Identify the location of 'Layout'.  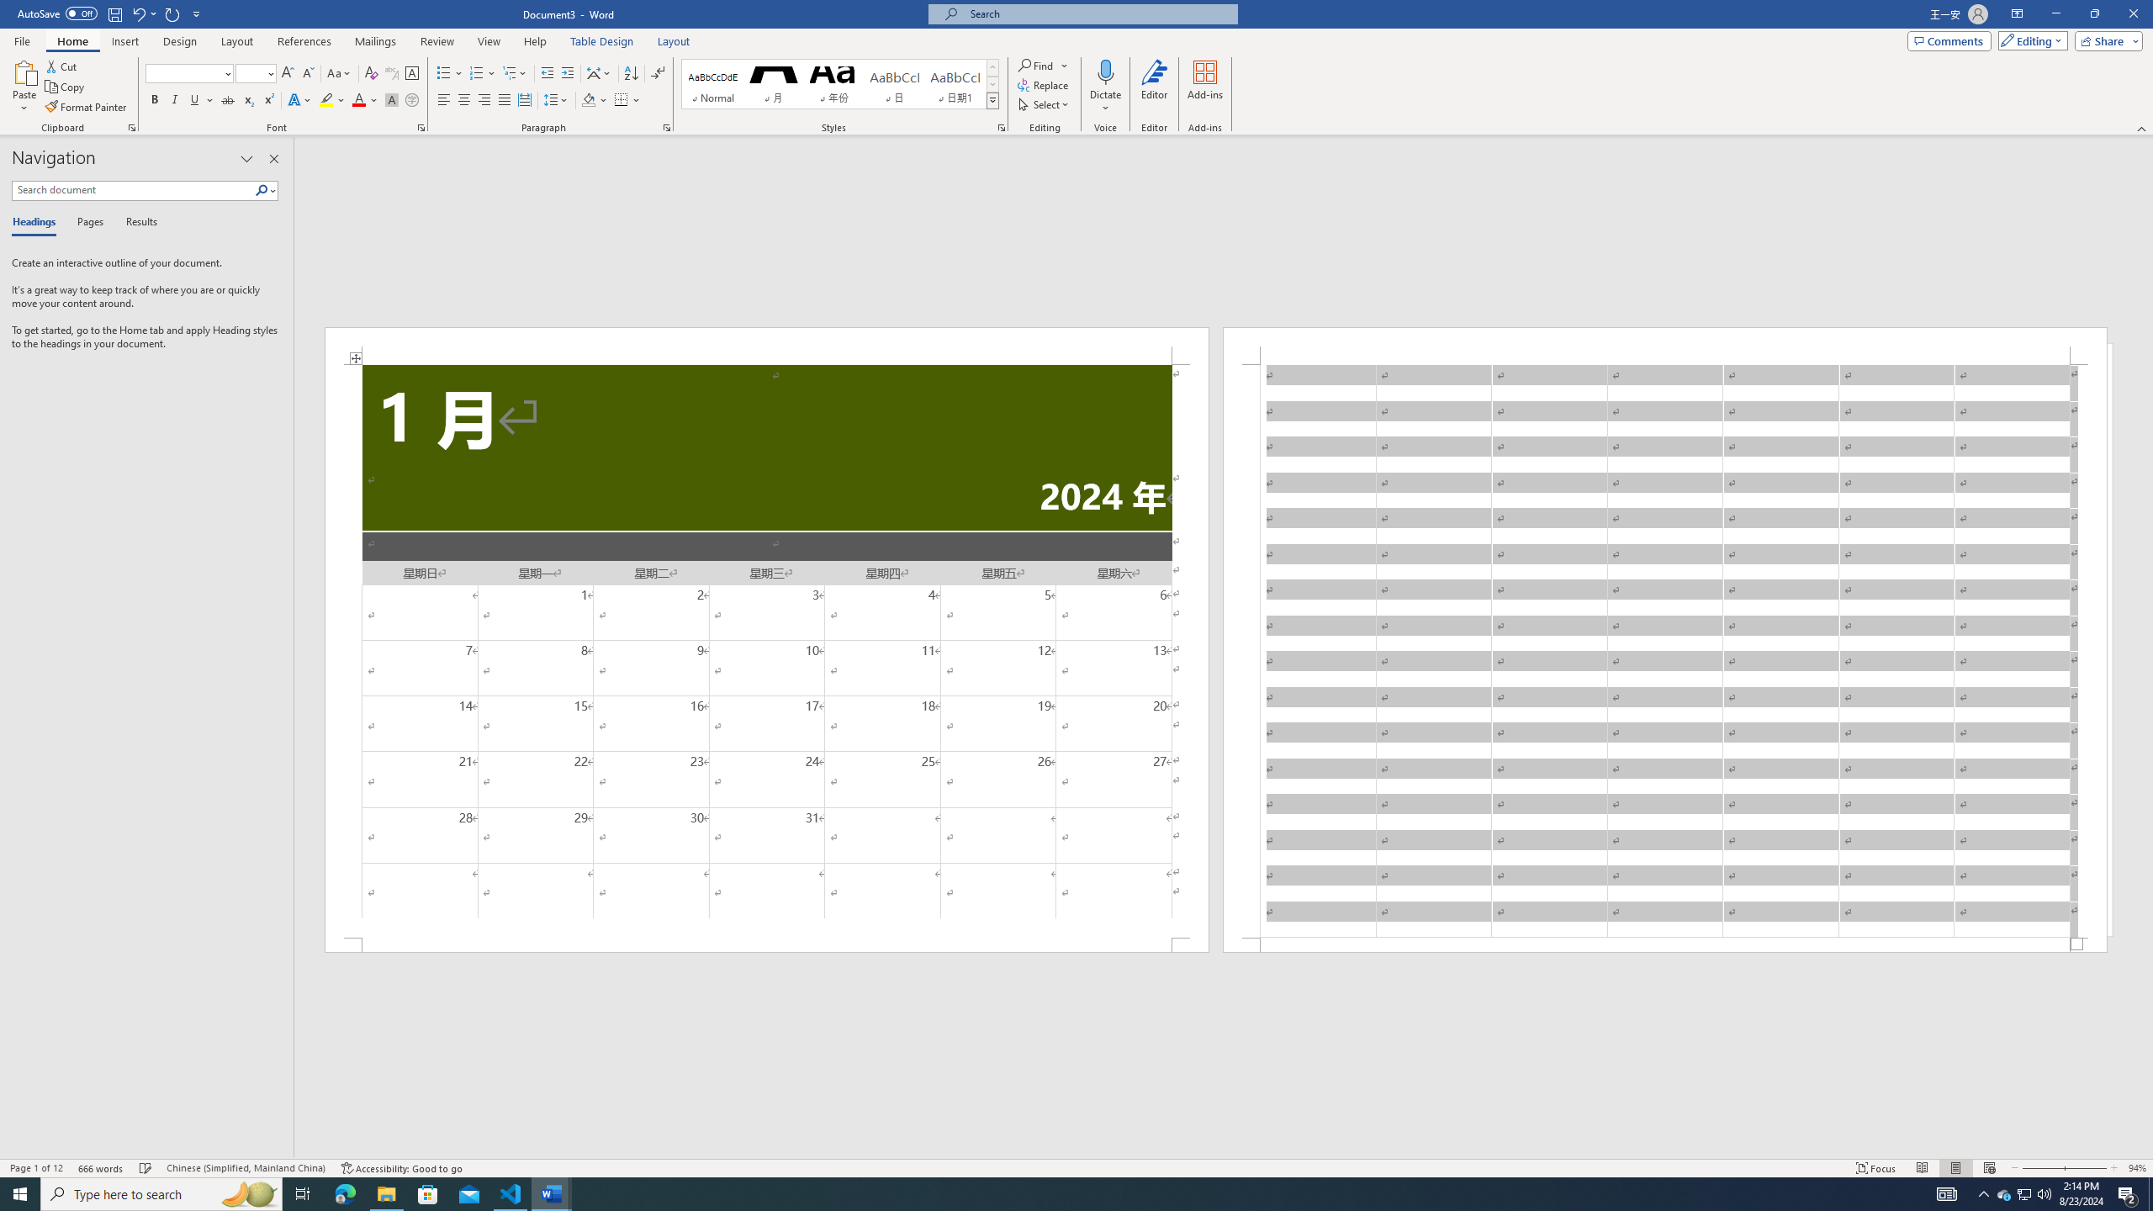
(673, 41).